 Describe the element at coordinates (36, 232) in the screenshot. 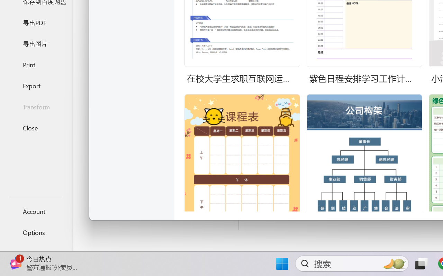

I see `'Options'` at that location.